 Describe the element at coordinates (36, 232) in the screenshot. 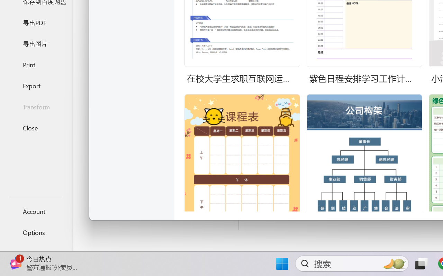

I see `'Options'` at that location.